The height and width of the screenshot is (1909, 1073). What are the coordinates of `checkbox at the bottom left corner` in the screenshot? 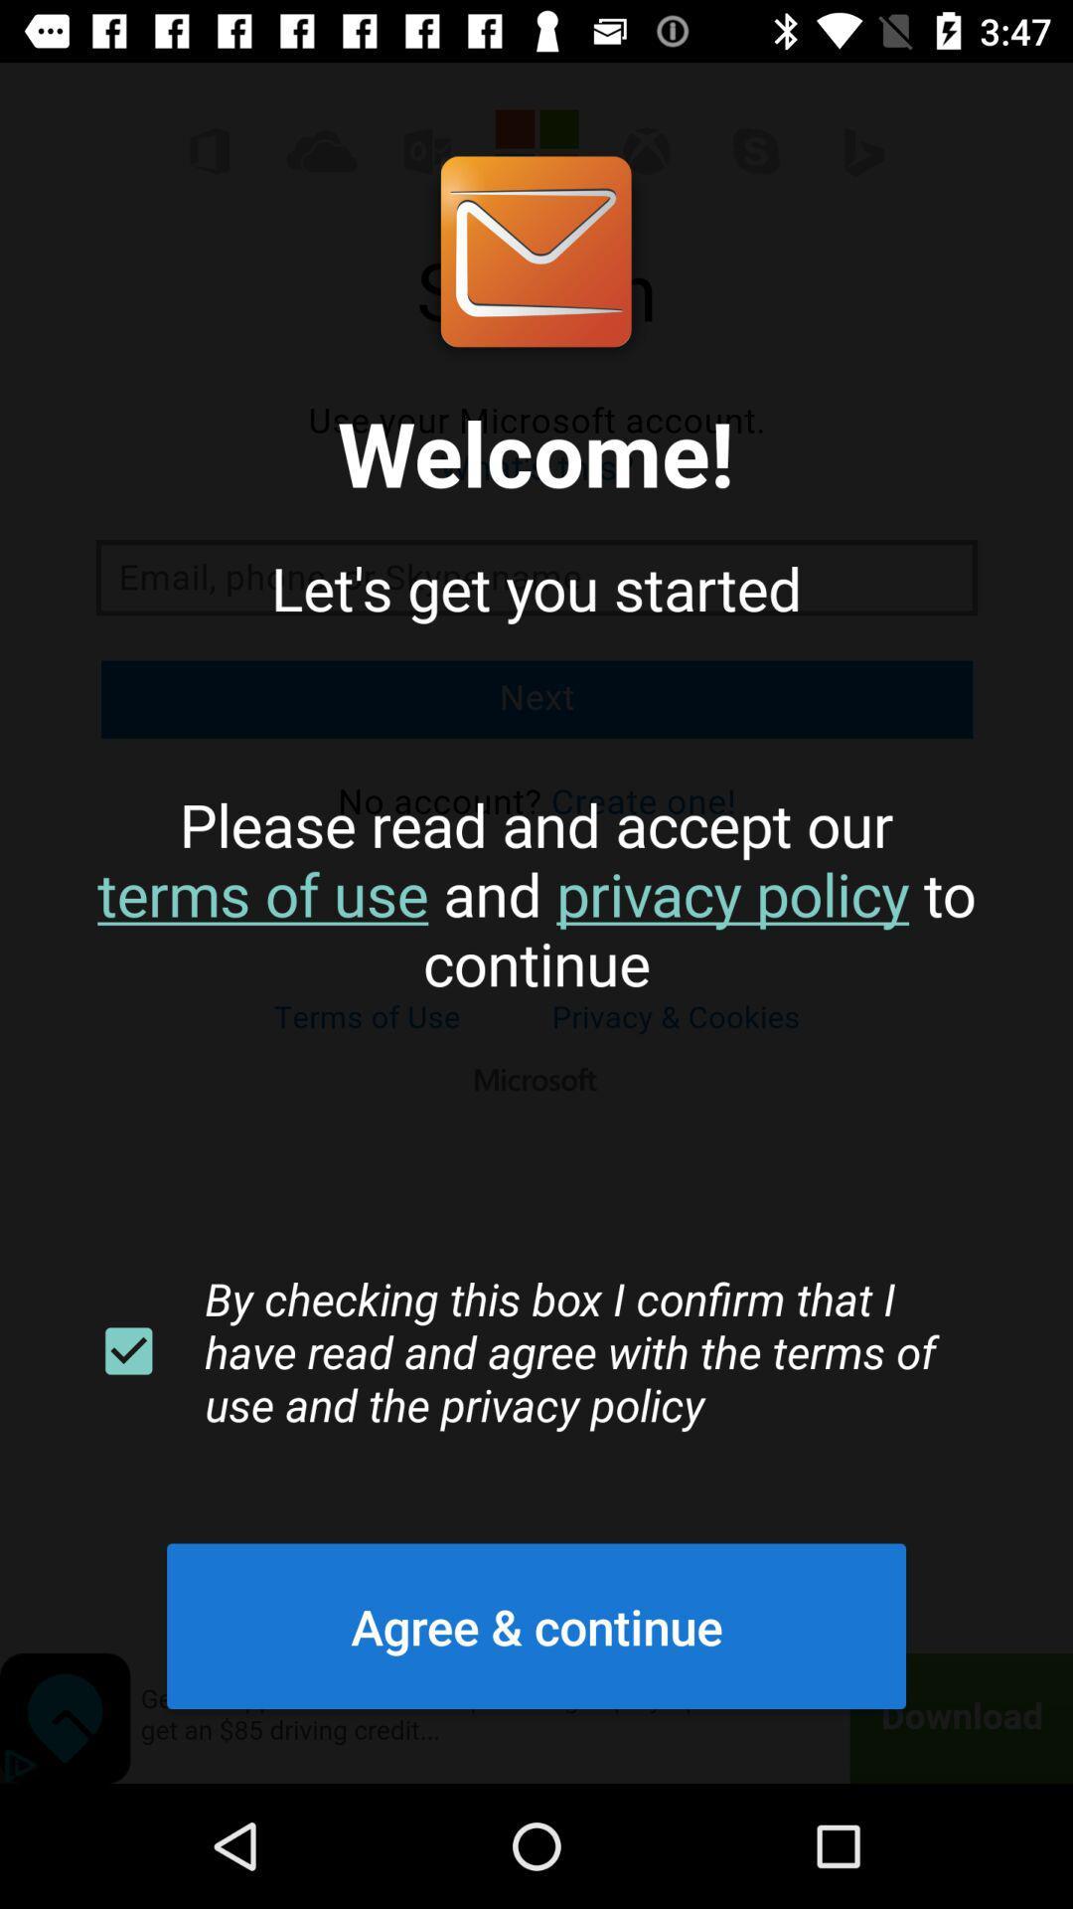 It's located at (128, 1351).